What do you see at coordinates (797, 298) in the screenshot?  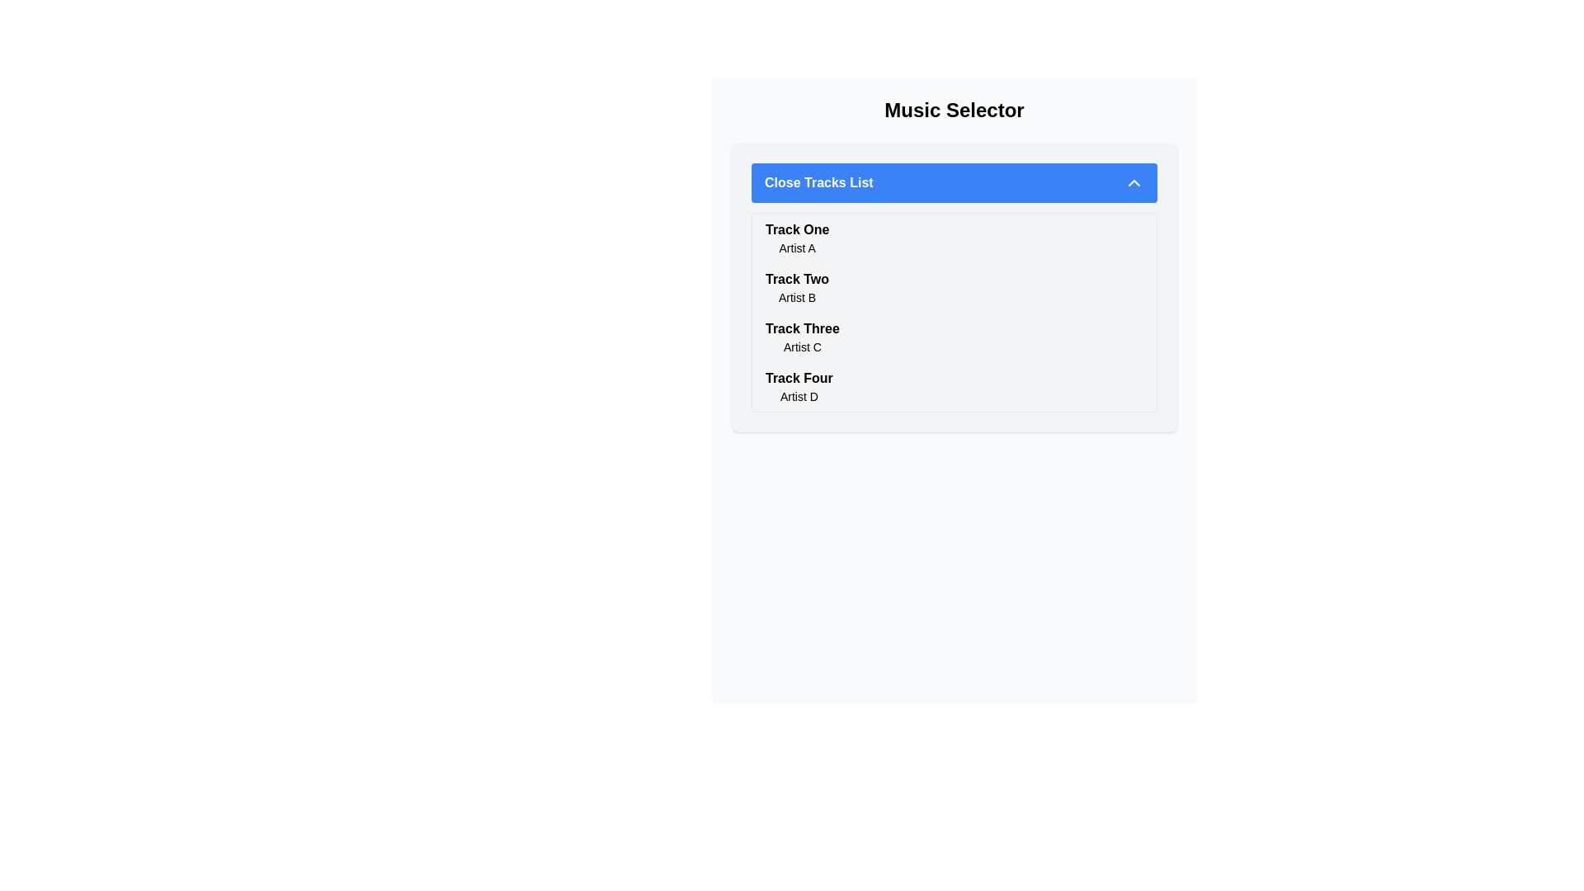 I see `the text label displaying the artist's name for 'Track Two' located directly below the 'Track Two' text in the 'Music Selector' dropdown` at bounding box center [797, 298].